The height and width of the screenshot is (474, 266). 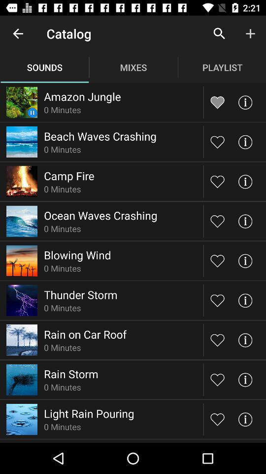 I want to click on the item above sounds item, so click(x=18, y=34).